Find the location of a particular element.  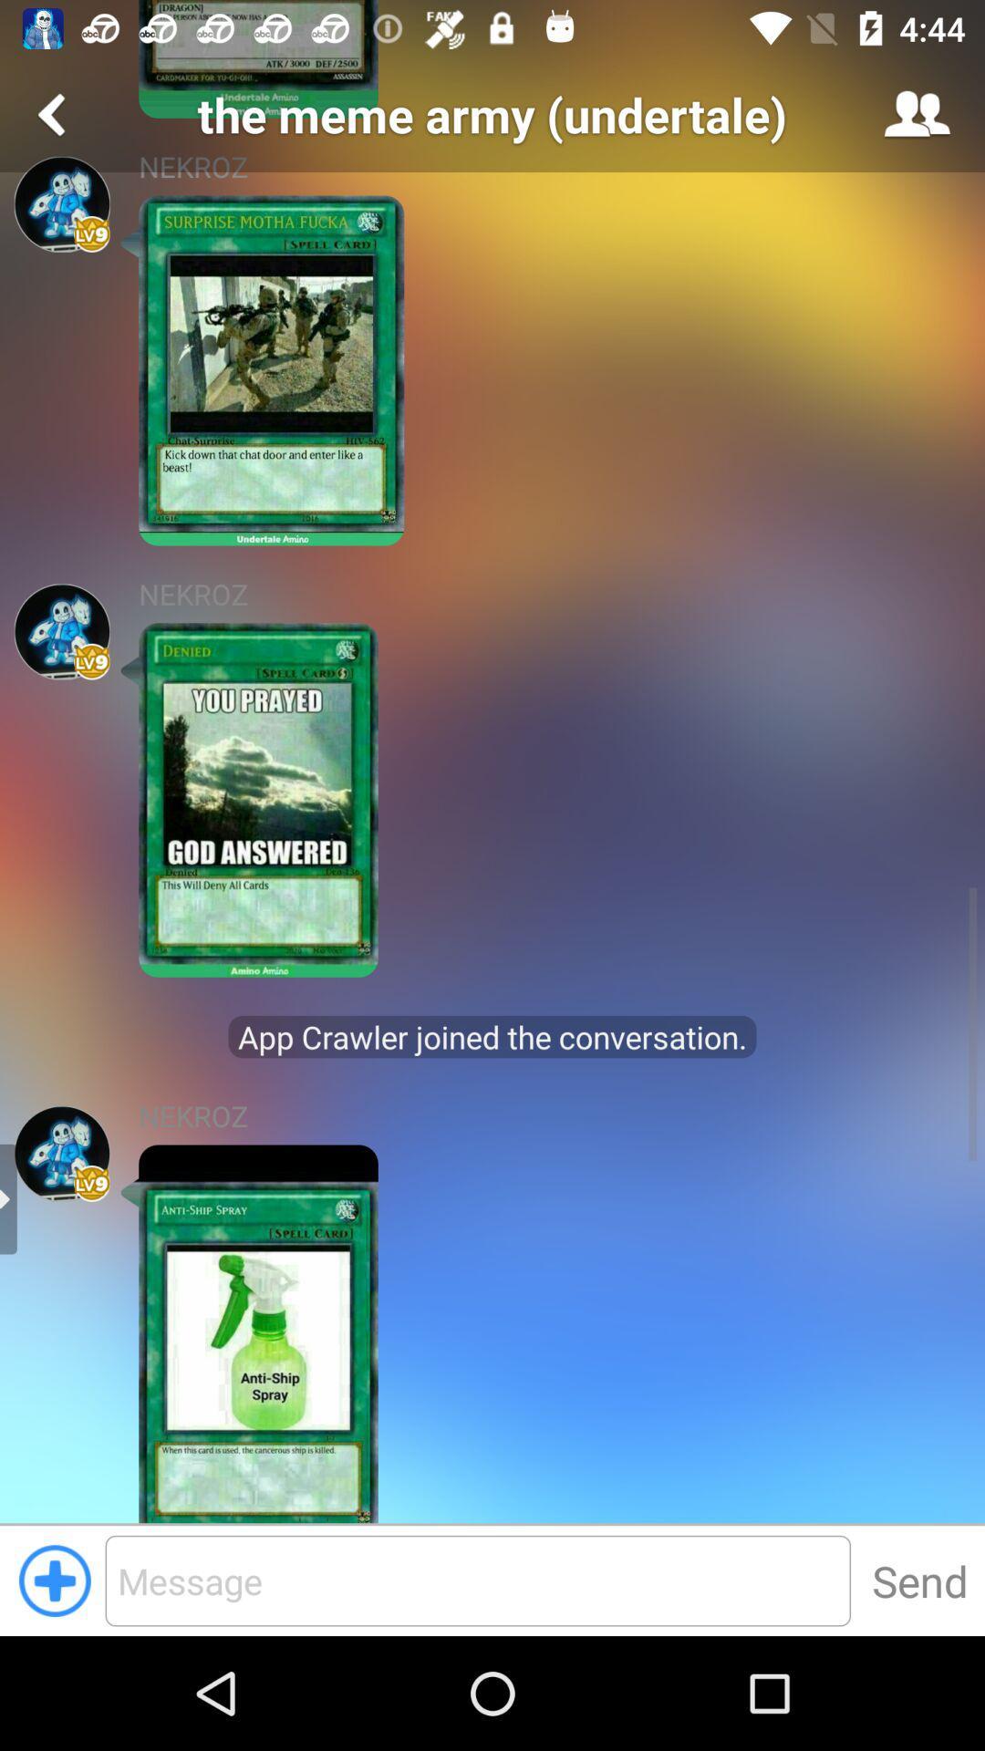

the add icon is located at coordinates (54, 1580).